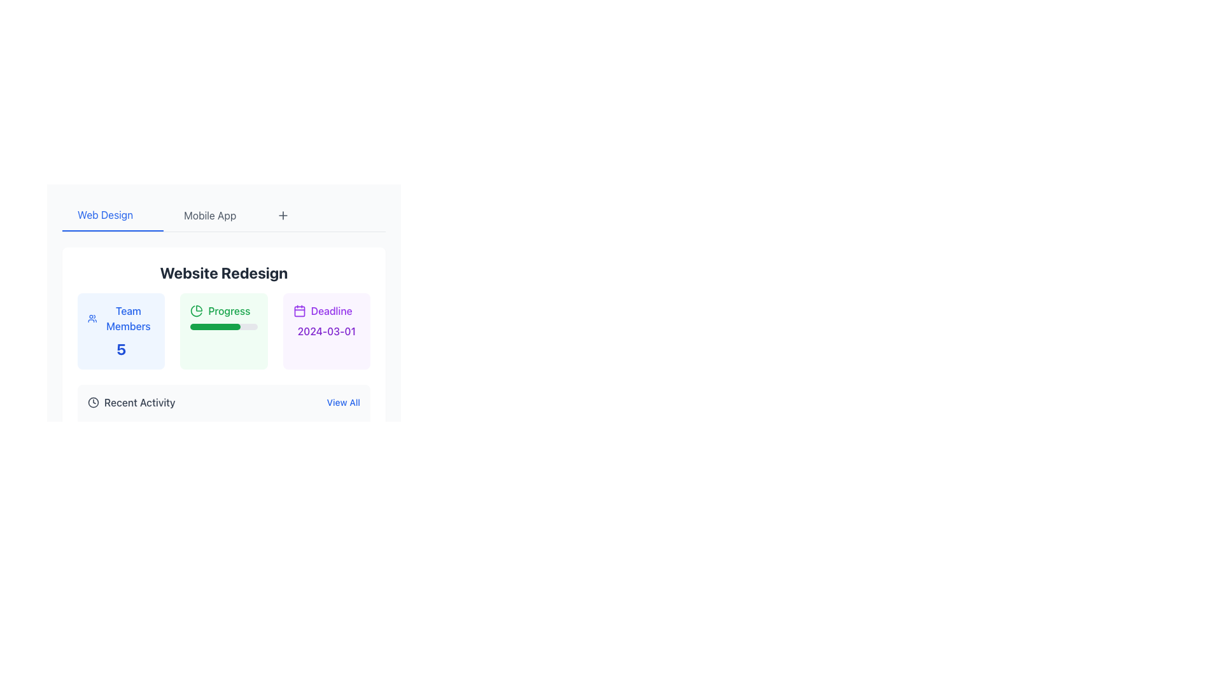 Image resolution: width=1222 pixels, height=687 pixels. I want to click on the circular button with a '+' icon located on the right side of the navigation bar, so click(283, 215).